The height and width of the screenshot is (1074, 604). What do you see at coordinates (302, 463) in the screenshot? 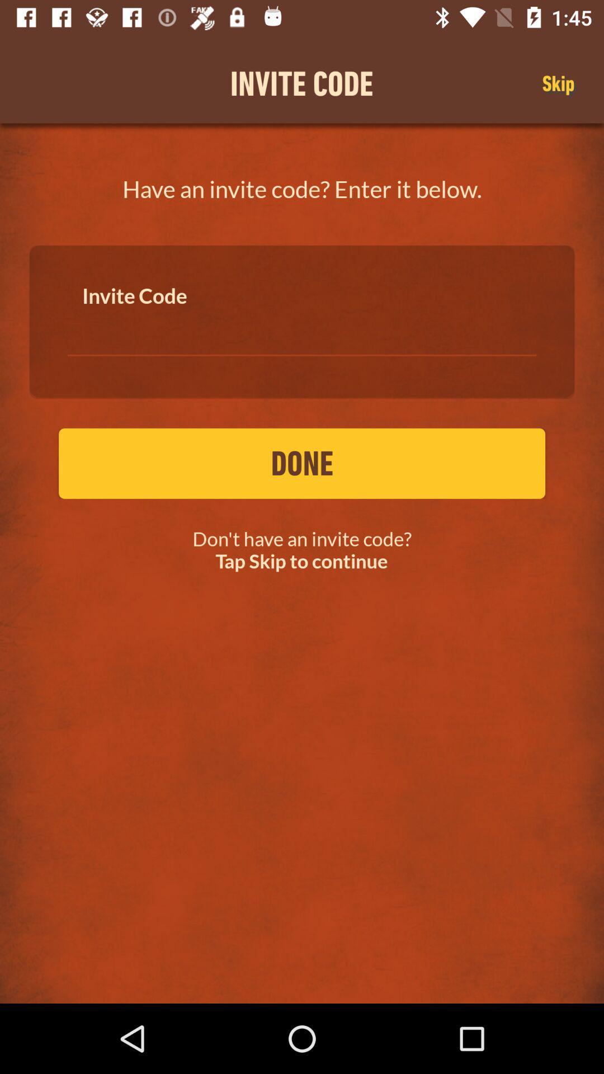
I see `the done item` at bounding box center [302, 463].